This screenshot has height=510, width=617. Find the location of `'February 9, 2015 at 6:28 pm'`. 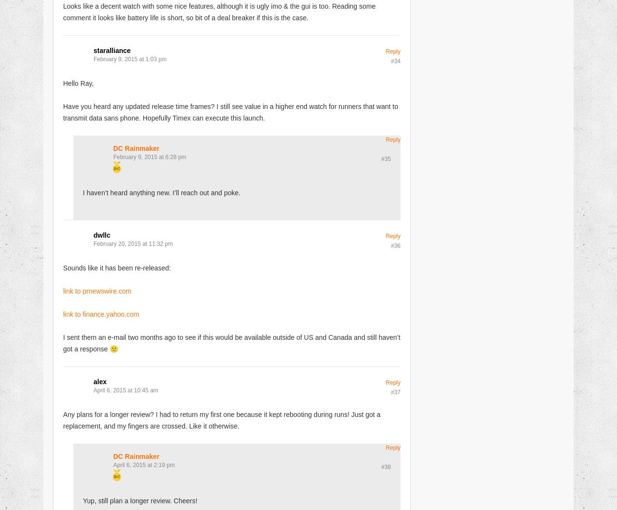

'February 9, 2015 at 6:28 pm' is located at coordinates (149, 156).